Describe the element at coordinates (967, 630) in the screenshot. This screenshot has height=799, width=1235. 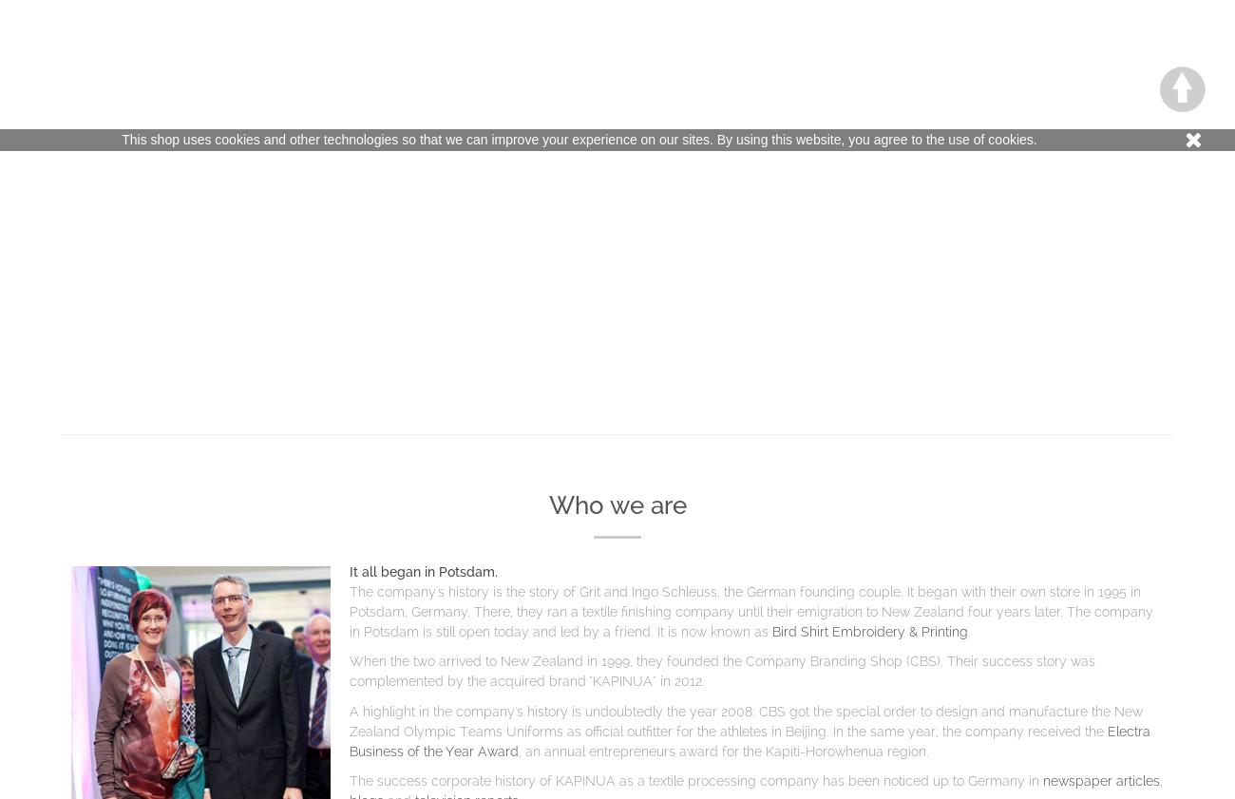
I see `'.'` at that location.